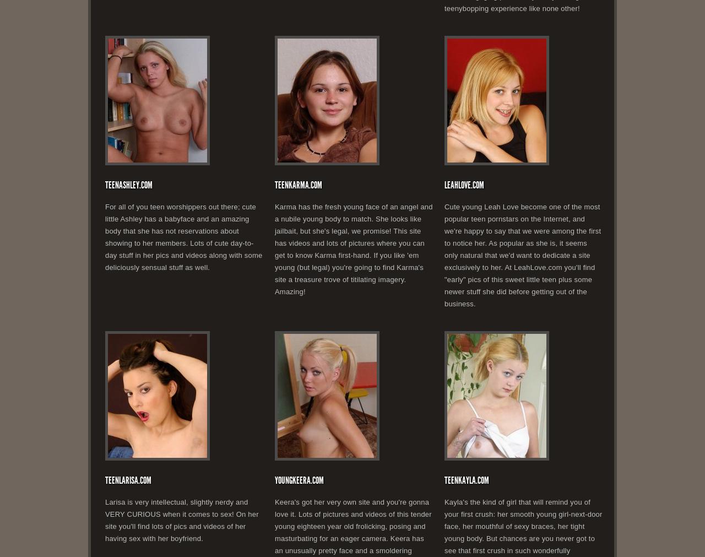 The height and width of the screenshot is (557, 705). I want to click on 'LeahLove.com', so click(464, 185).